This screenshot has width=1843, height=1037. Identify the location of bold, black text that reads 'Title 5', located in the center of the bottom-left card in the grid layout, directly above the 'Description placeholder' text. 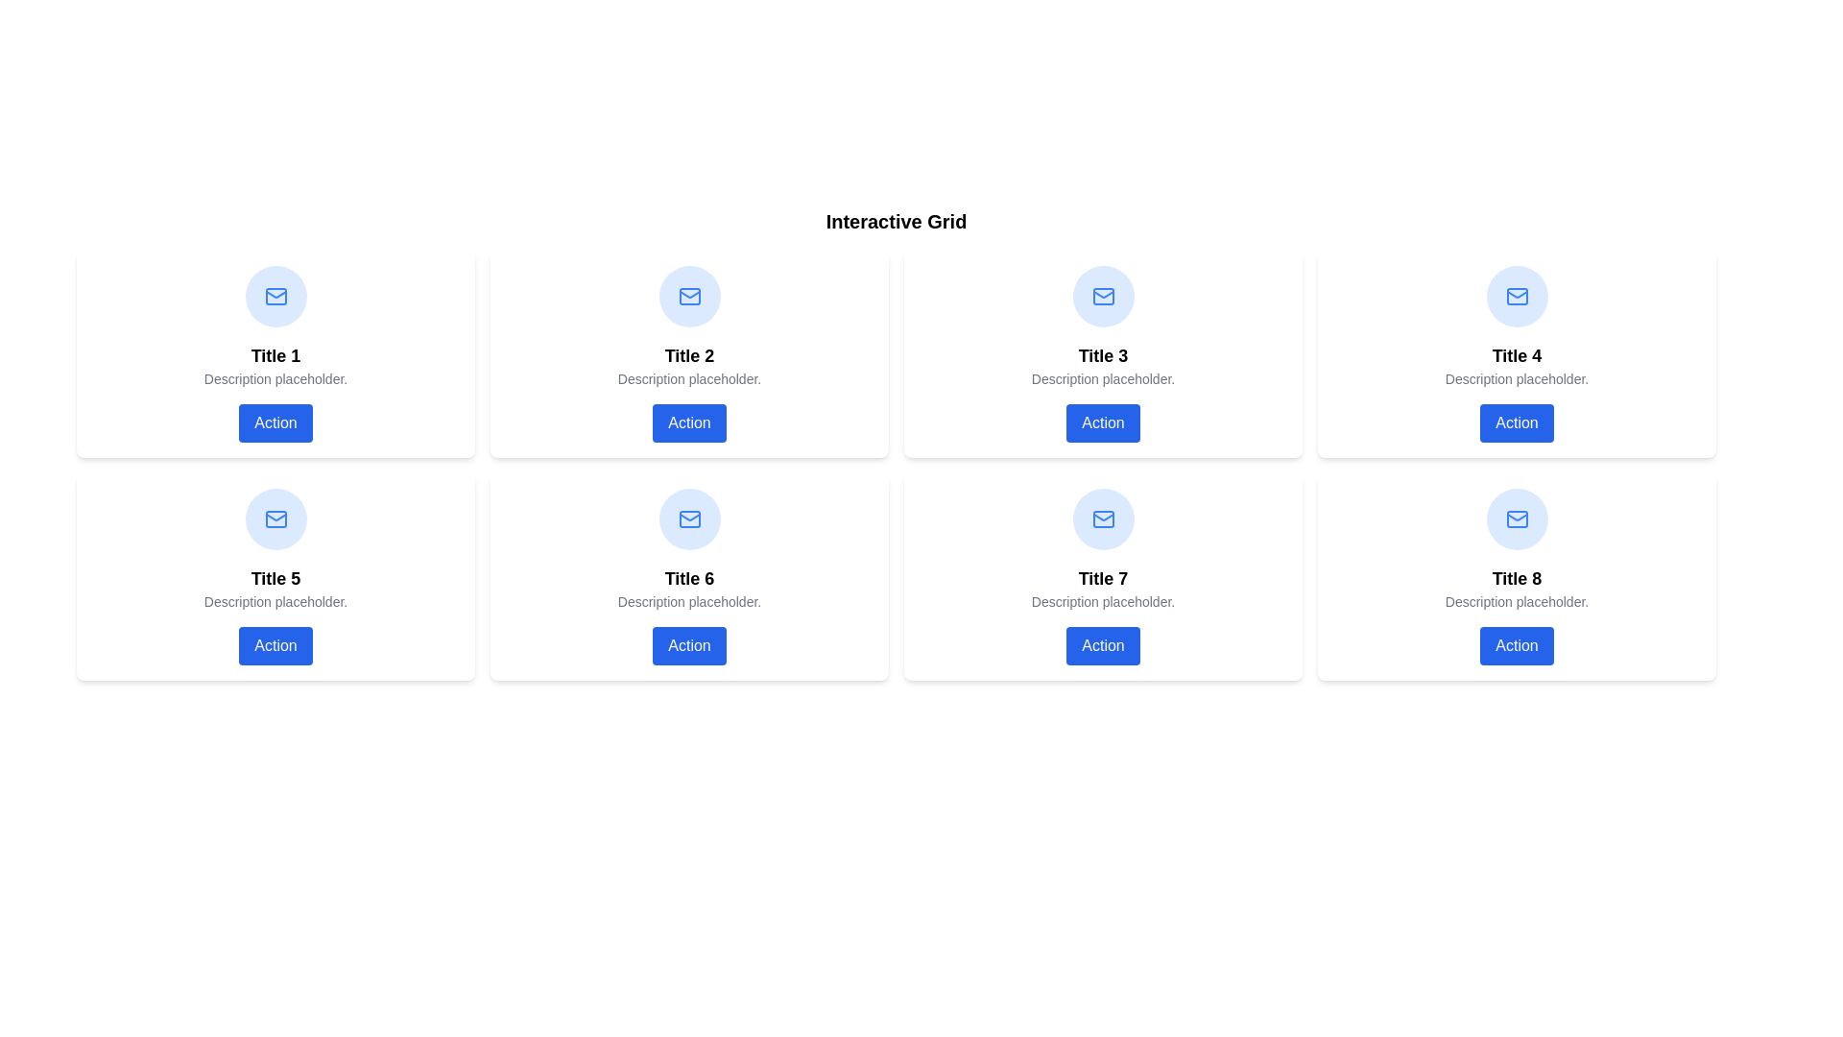
(275, 577).